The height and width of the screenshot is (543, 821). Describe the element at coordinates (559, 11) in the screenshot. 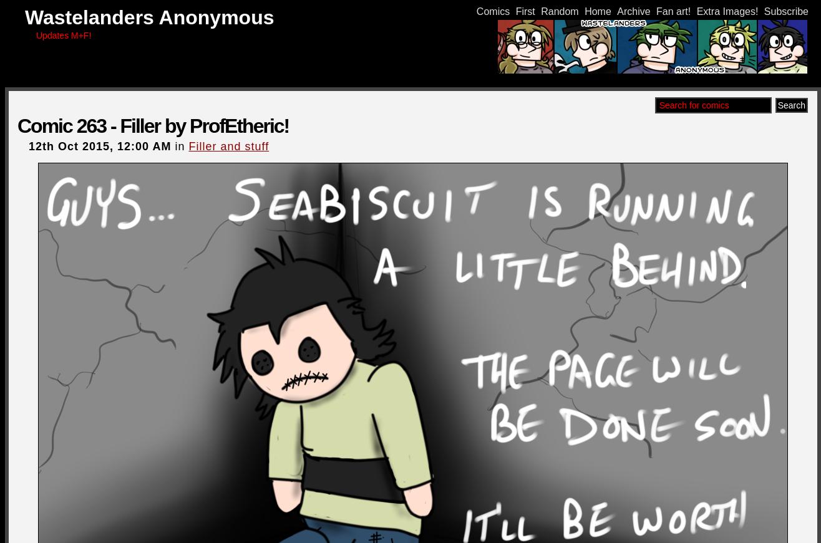

I see `'Random'` at that location.